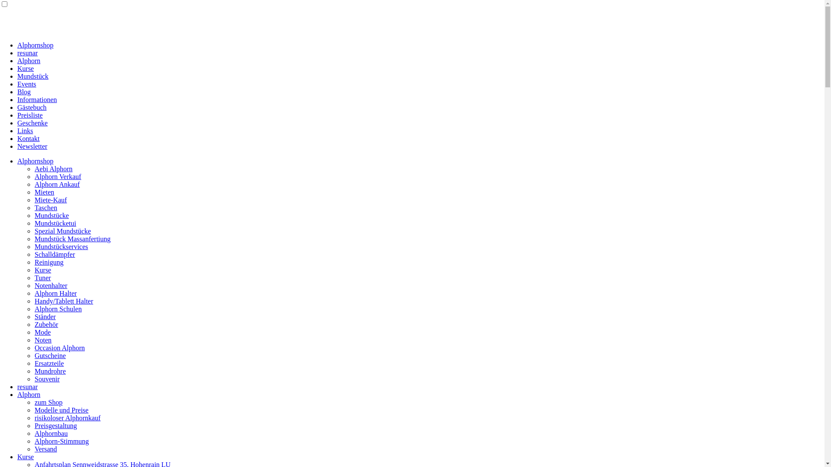 This screenshot has height=467, width=831. I want to click on 'Kurse', so click(25, 68).